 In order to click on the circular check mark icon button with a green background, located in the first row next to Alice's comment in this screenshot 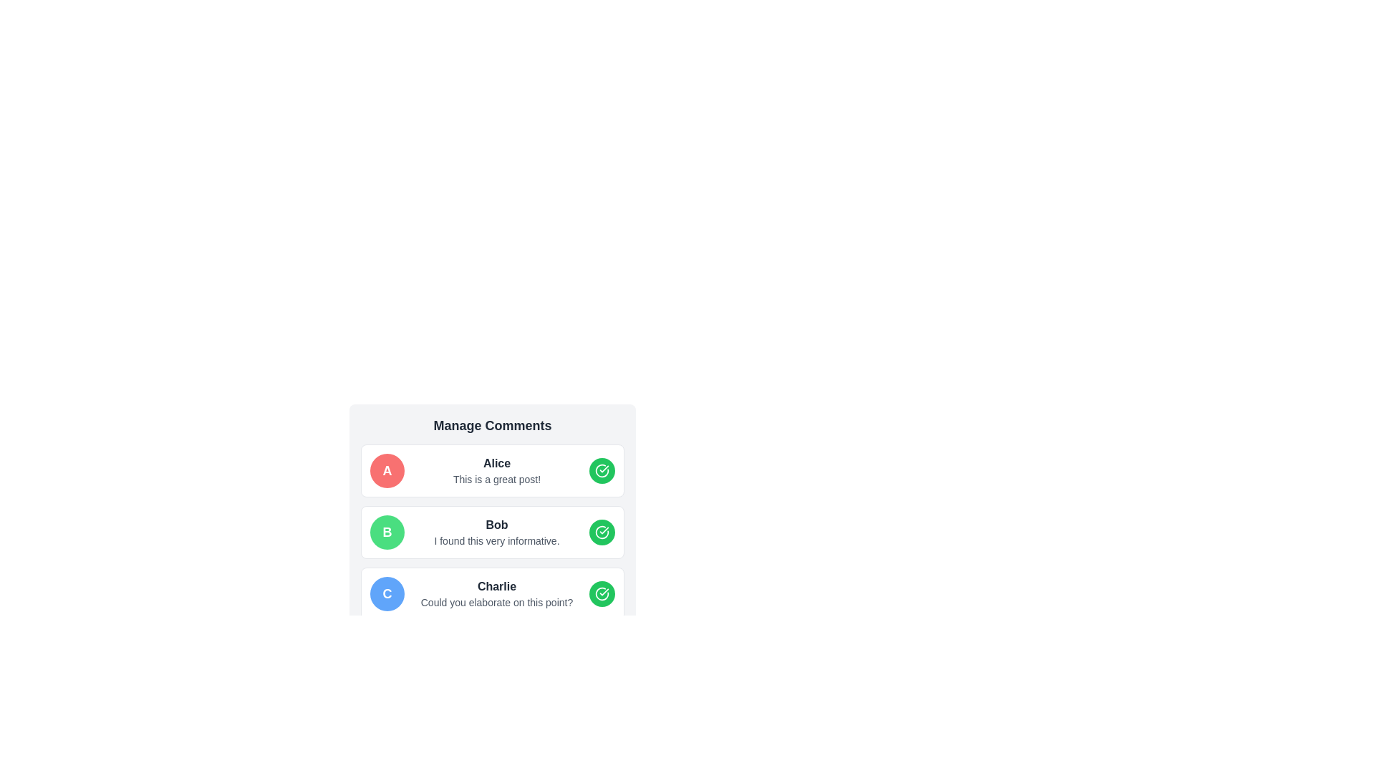, I will do `click(602, 471)`.